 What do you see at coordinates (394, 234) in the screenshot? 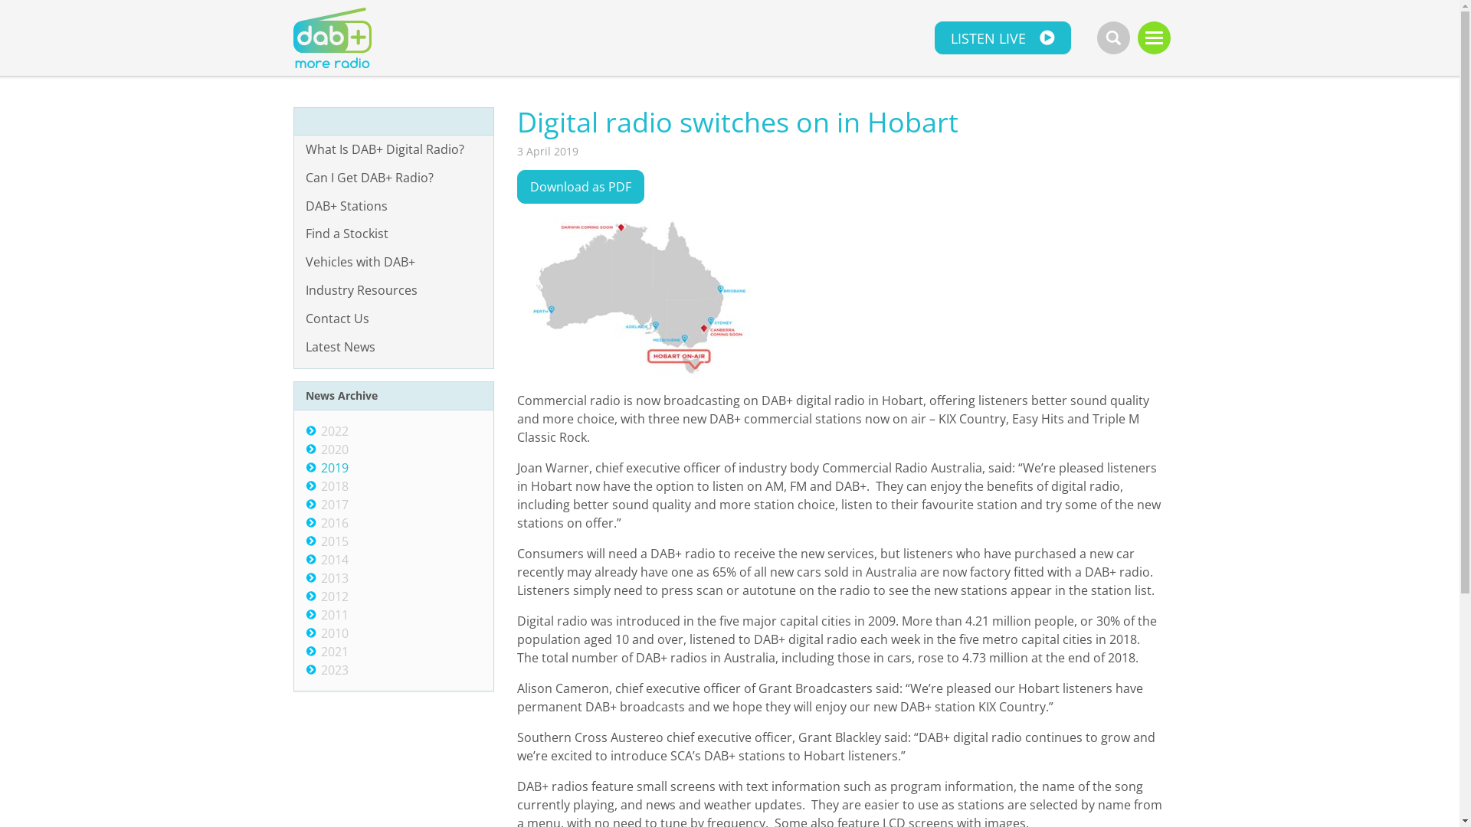
I see `'Find a Stockist'` at bounding box center [394, 234].